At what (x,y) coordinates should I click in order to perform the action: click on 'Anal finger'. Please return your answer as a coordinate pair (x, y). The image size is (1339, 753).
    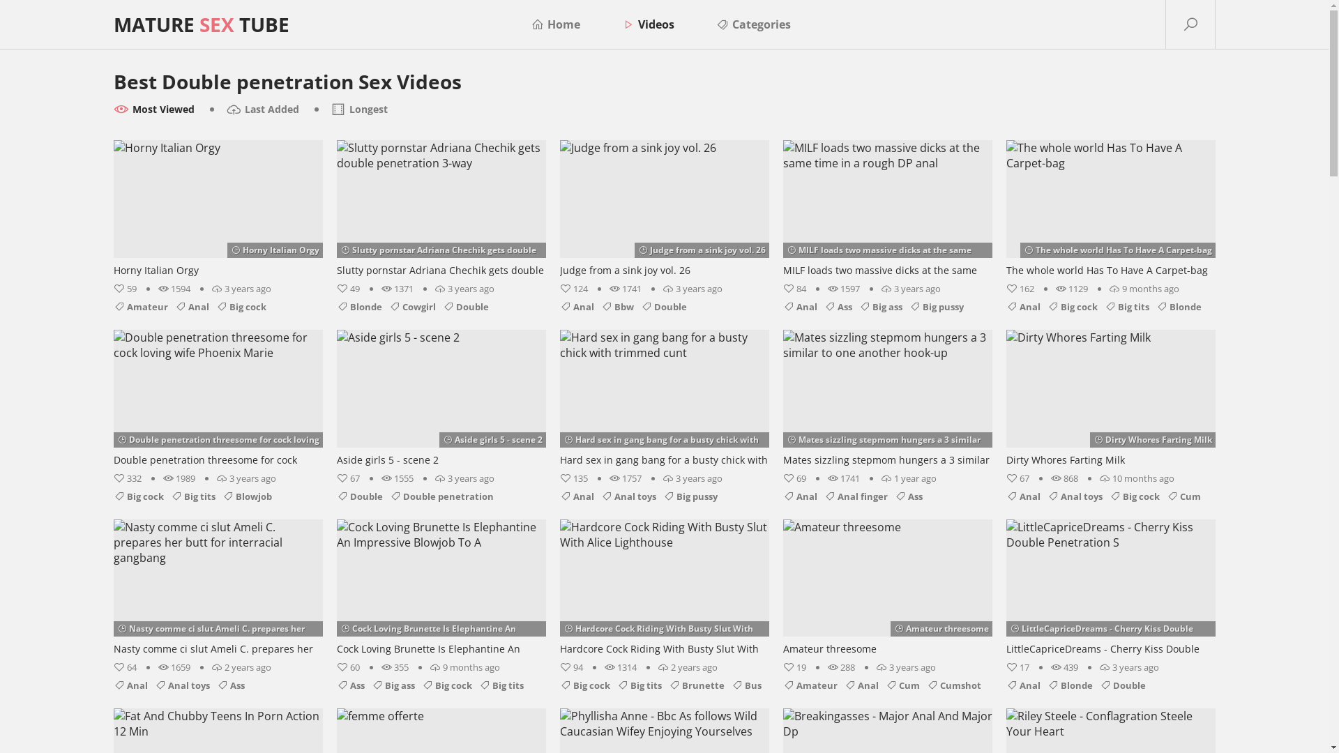
    Looking at the image, I should click on (824, 494).